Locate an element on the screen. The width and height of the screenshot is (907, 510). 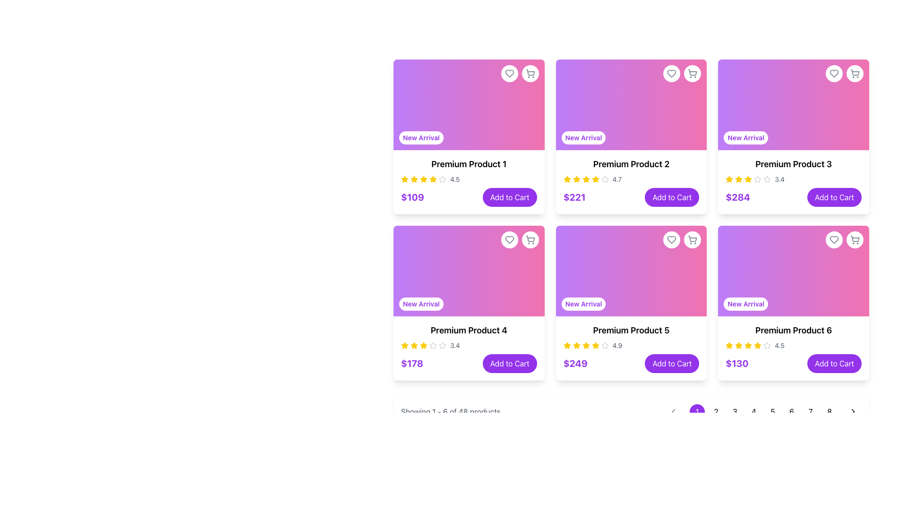
the favorite icon located in the top-right corner of the card labeled 'Premium Product 6' is located at coordinates (834, 239).